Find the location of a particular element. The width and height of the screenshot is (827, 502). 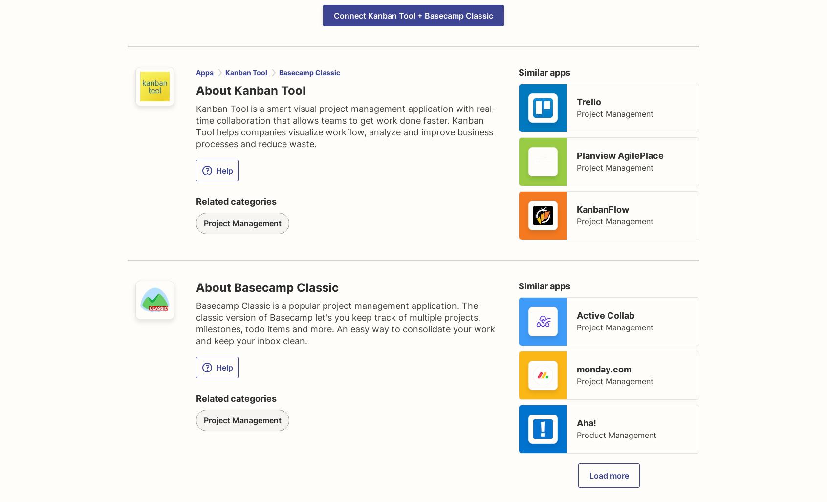

'Product Management' is located at coordinates (616, 434).